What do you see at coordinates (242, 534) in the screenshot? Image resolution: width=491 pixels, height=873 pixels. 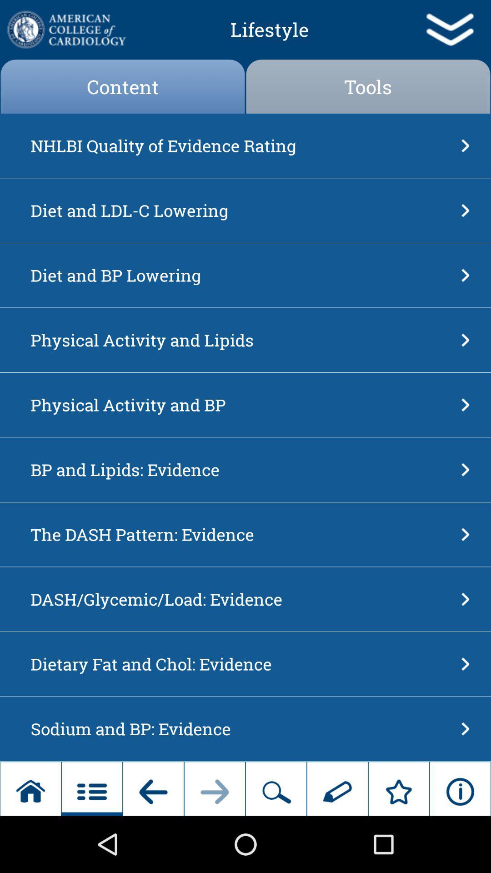 I see `the dash pattern` at bounding box center [242, 534].